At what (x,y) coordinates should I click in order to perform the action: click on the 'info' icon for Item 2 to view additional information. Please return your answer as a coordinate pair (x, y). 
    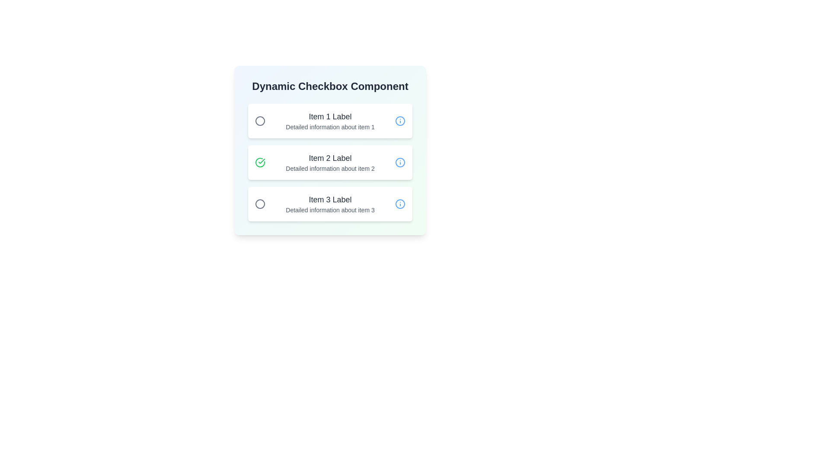
    Looking at the image, I should click on (400, 162).